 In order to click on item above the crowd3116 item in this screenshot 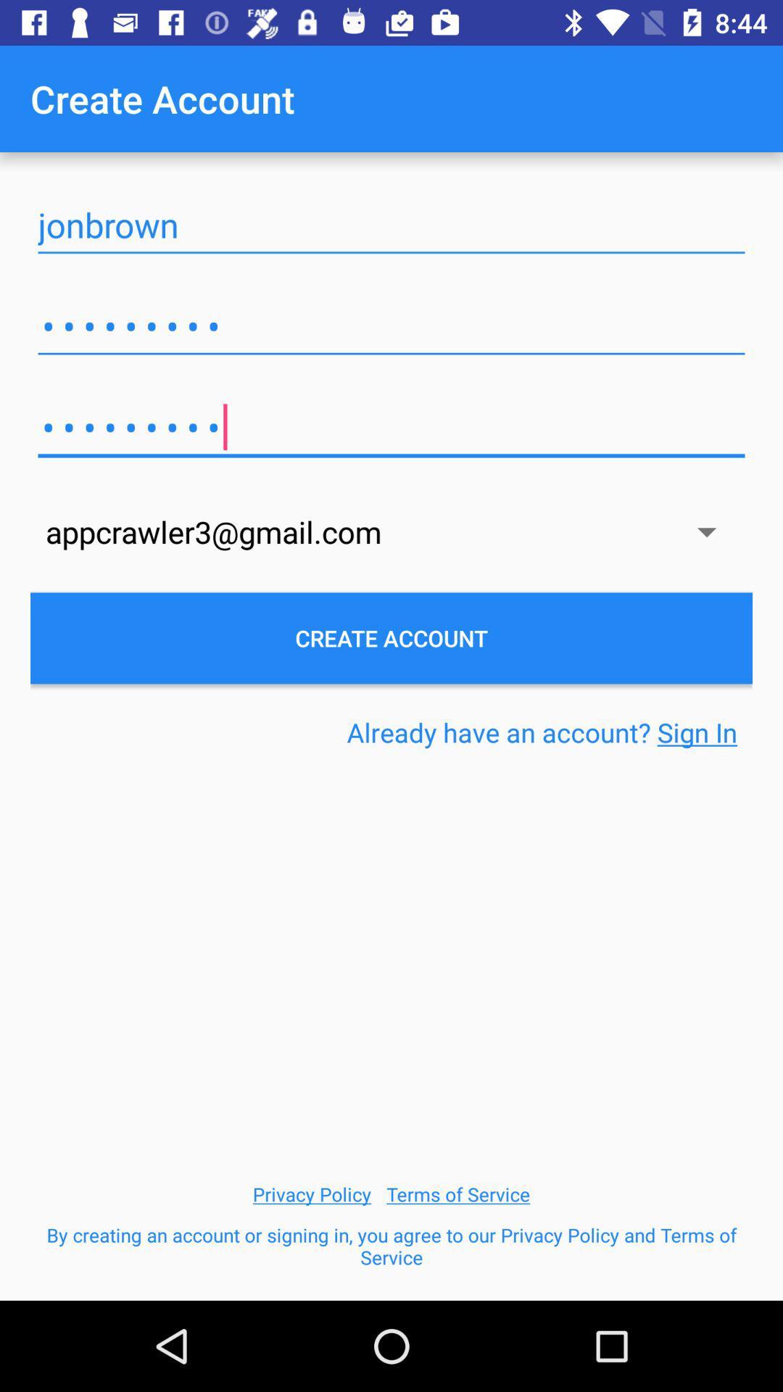, I will do `click(391, 225)`.